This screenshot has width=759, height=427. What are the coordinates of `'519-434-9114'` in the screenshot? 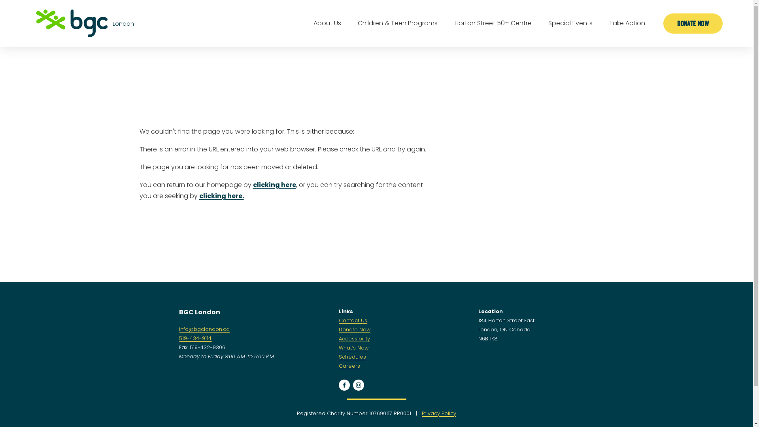 It's located at (195, 338).